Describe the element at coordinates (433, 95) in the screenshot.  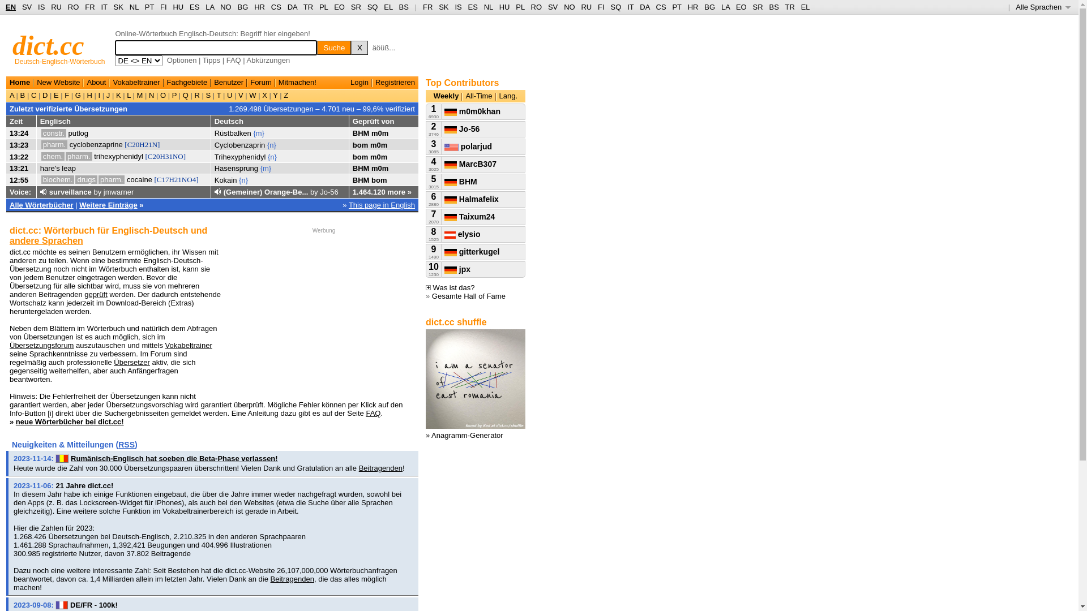
I see `'Weekly'` at that location.